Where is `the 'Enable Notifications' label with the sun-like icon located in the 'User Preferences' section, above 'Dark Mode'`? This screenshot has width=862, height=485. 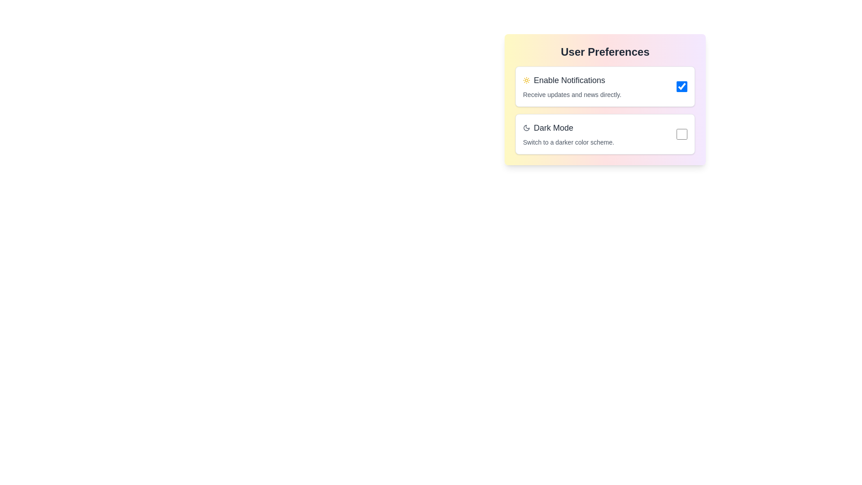
the 'Enable Notifications' label with the sun-like icon located in the 'User Preferences' section, above 'Dark Mode' is located at coordinates (572, 79).